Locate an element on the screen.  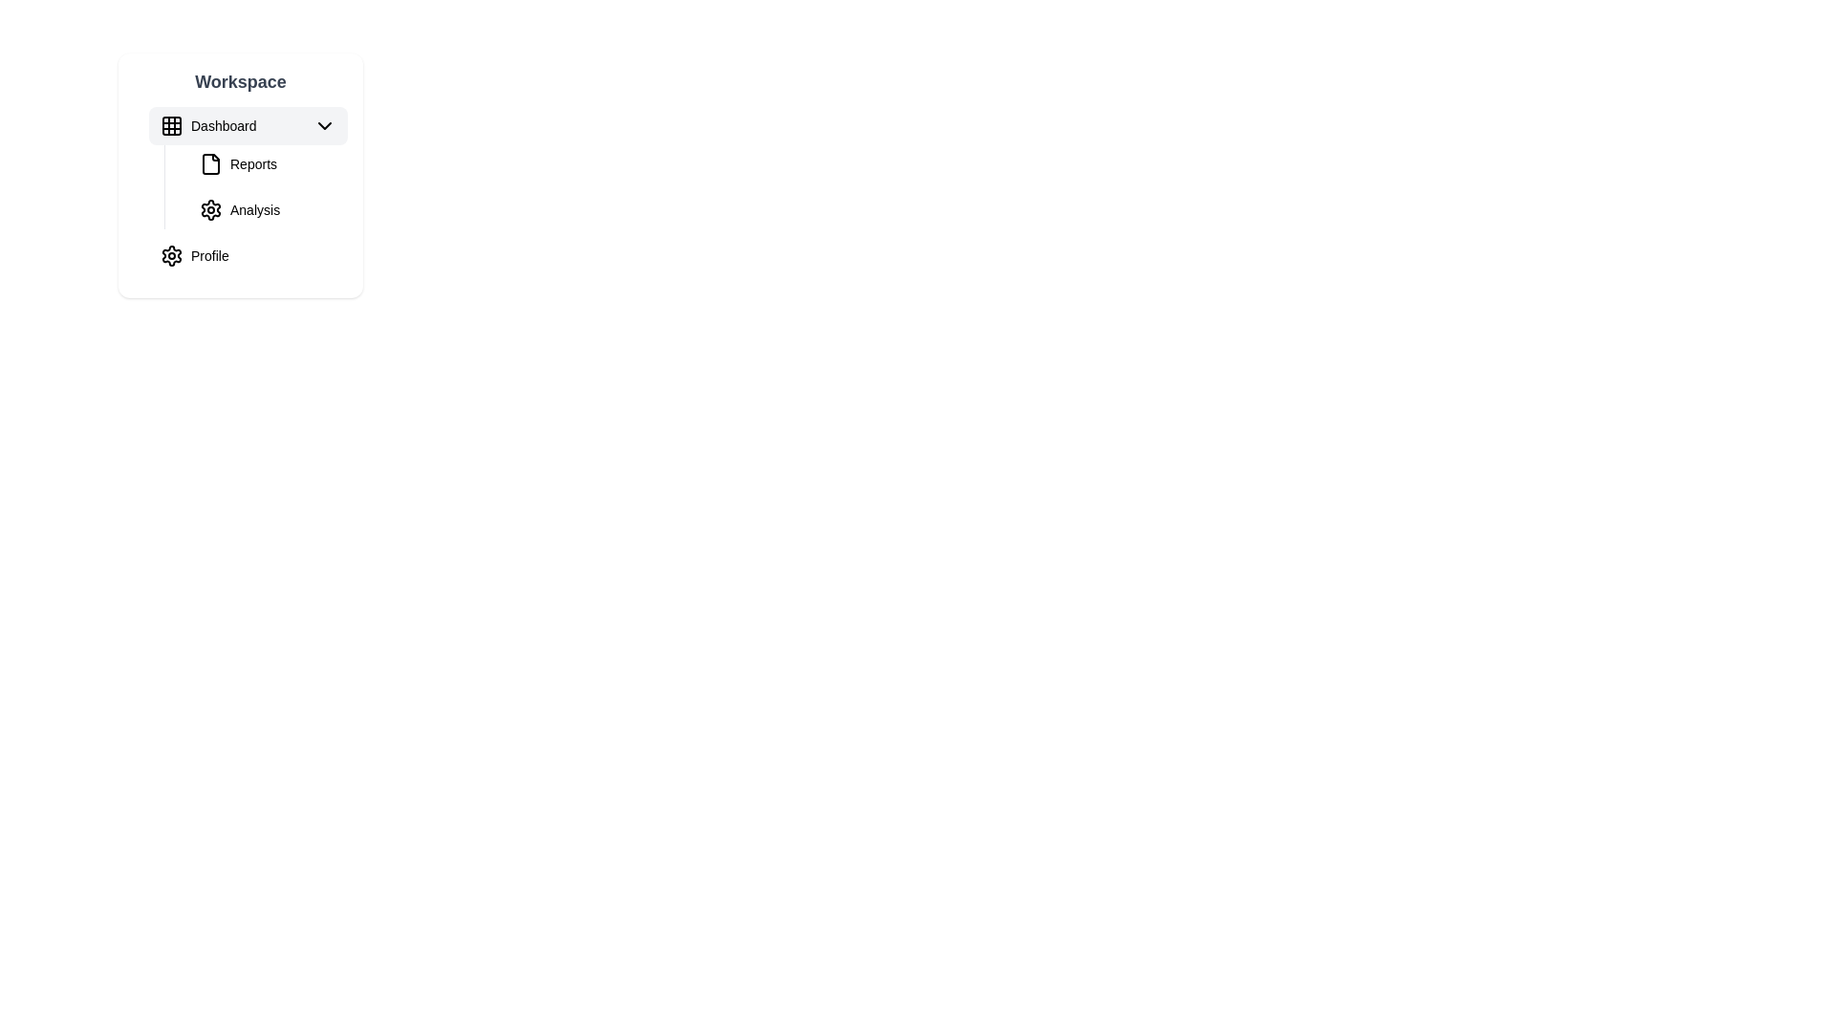
the collapsible menu indicator icon located to the right of the 'Dashboard' label to trigger a tooltip or visual effect is located at coordinates (325, 125).